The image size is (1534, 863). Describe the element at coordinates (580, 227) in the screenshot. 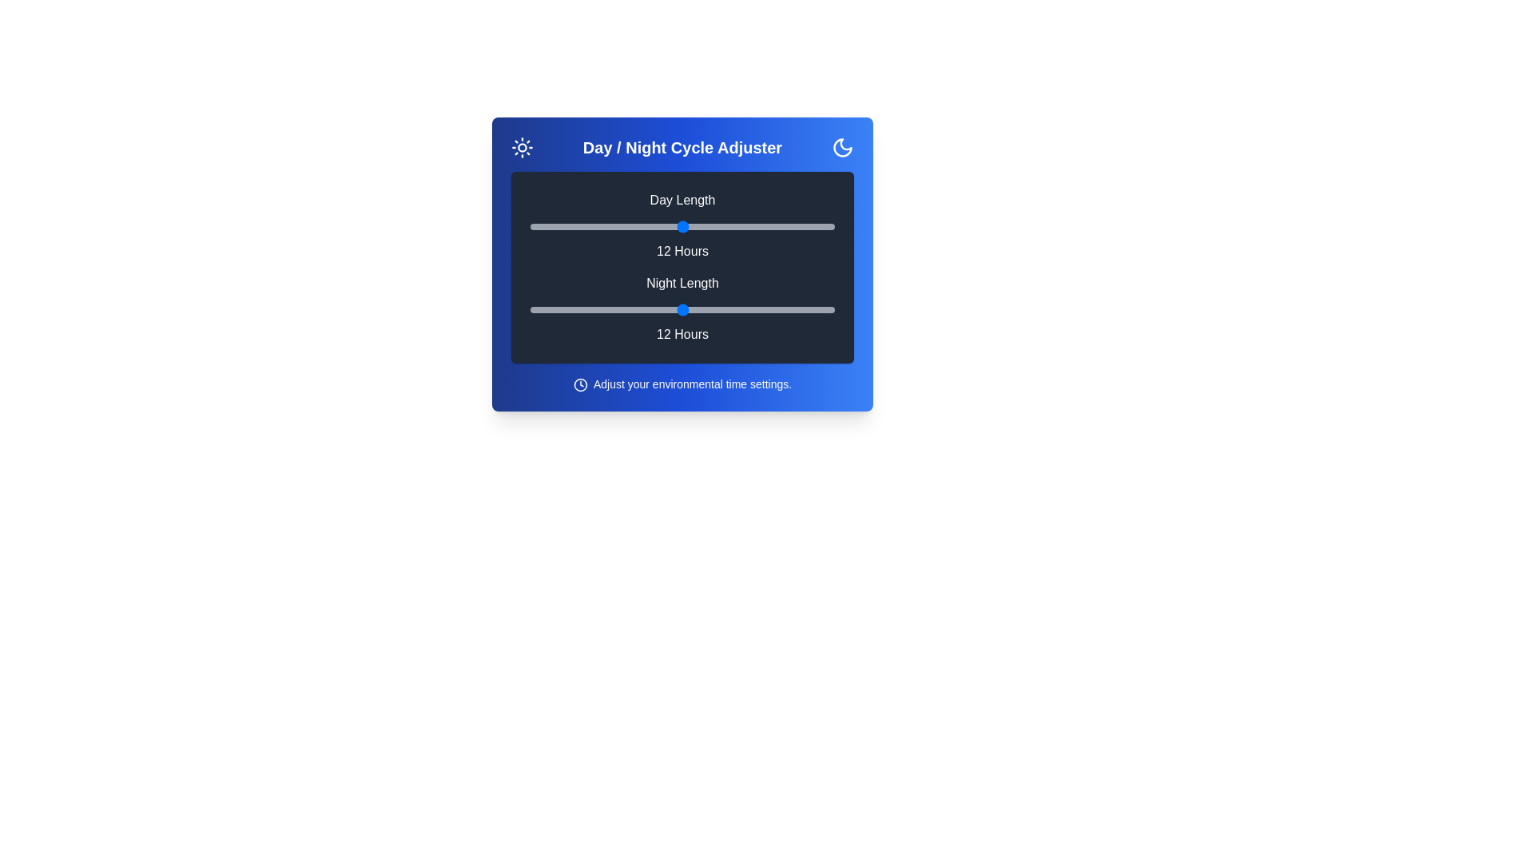

I see `the 'Day Length' slider to set the day duration to 8 hours` at that location.